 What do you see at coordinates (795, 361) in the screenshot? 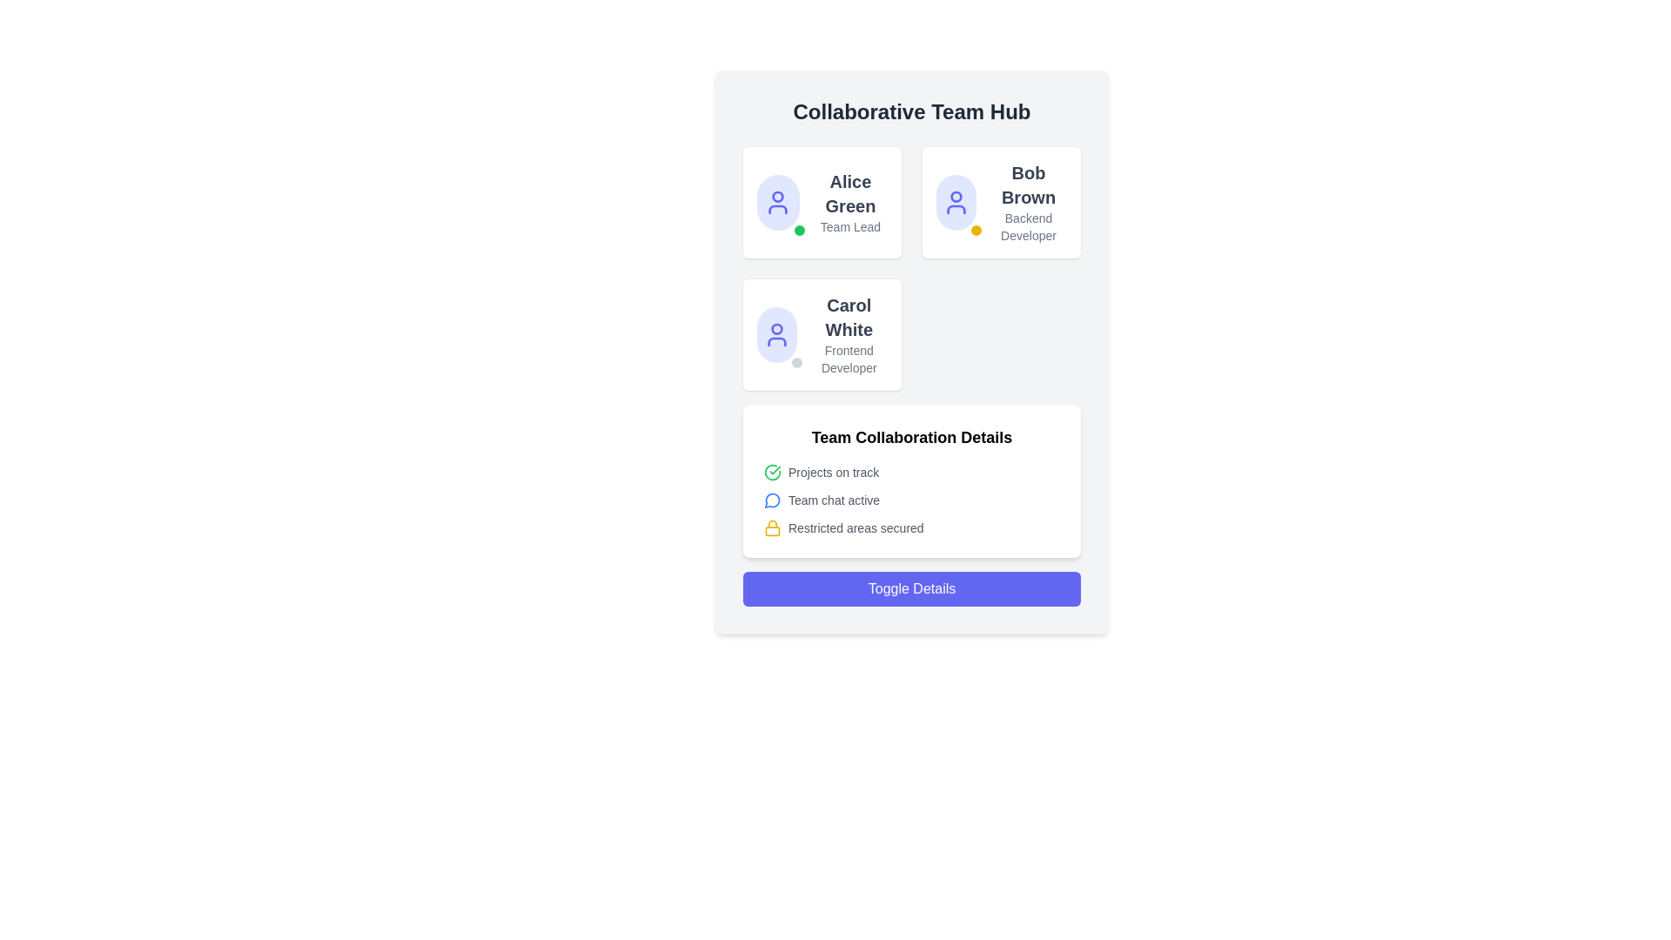
I see `the status indicator located at the bottom-right of Carol White's profile card avatar` at bounding box center [795, 361].